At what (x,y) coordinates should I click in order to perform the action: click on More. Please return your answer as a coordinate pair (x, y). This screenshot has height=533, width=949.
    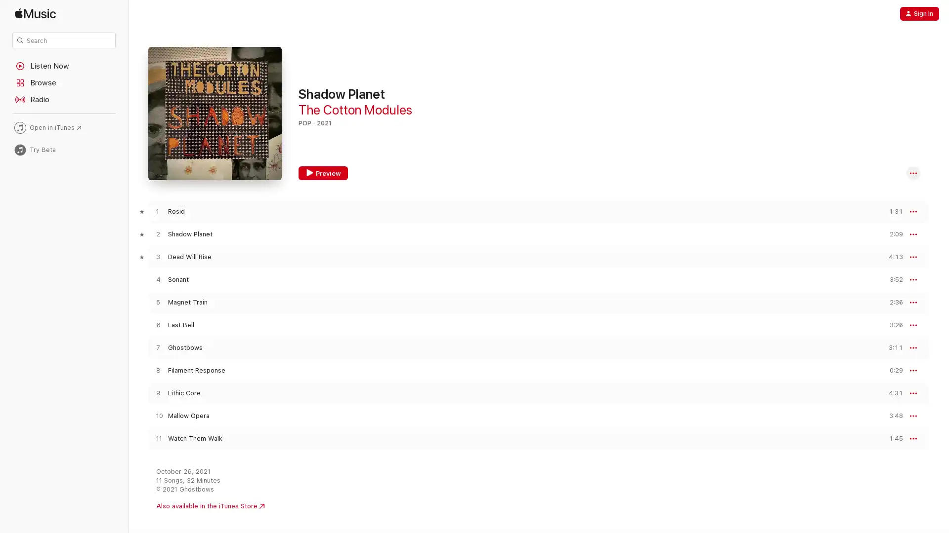
    Looking at the image, I should click on (913, 173).